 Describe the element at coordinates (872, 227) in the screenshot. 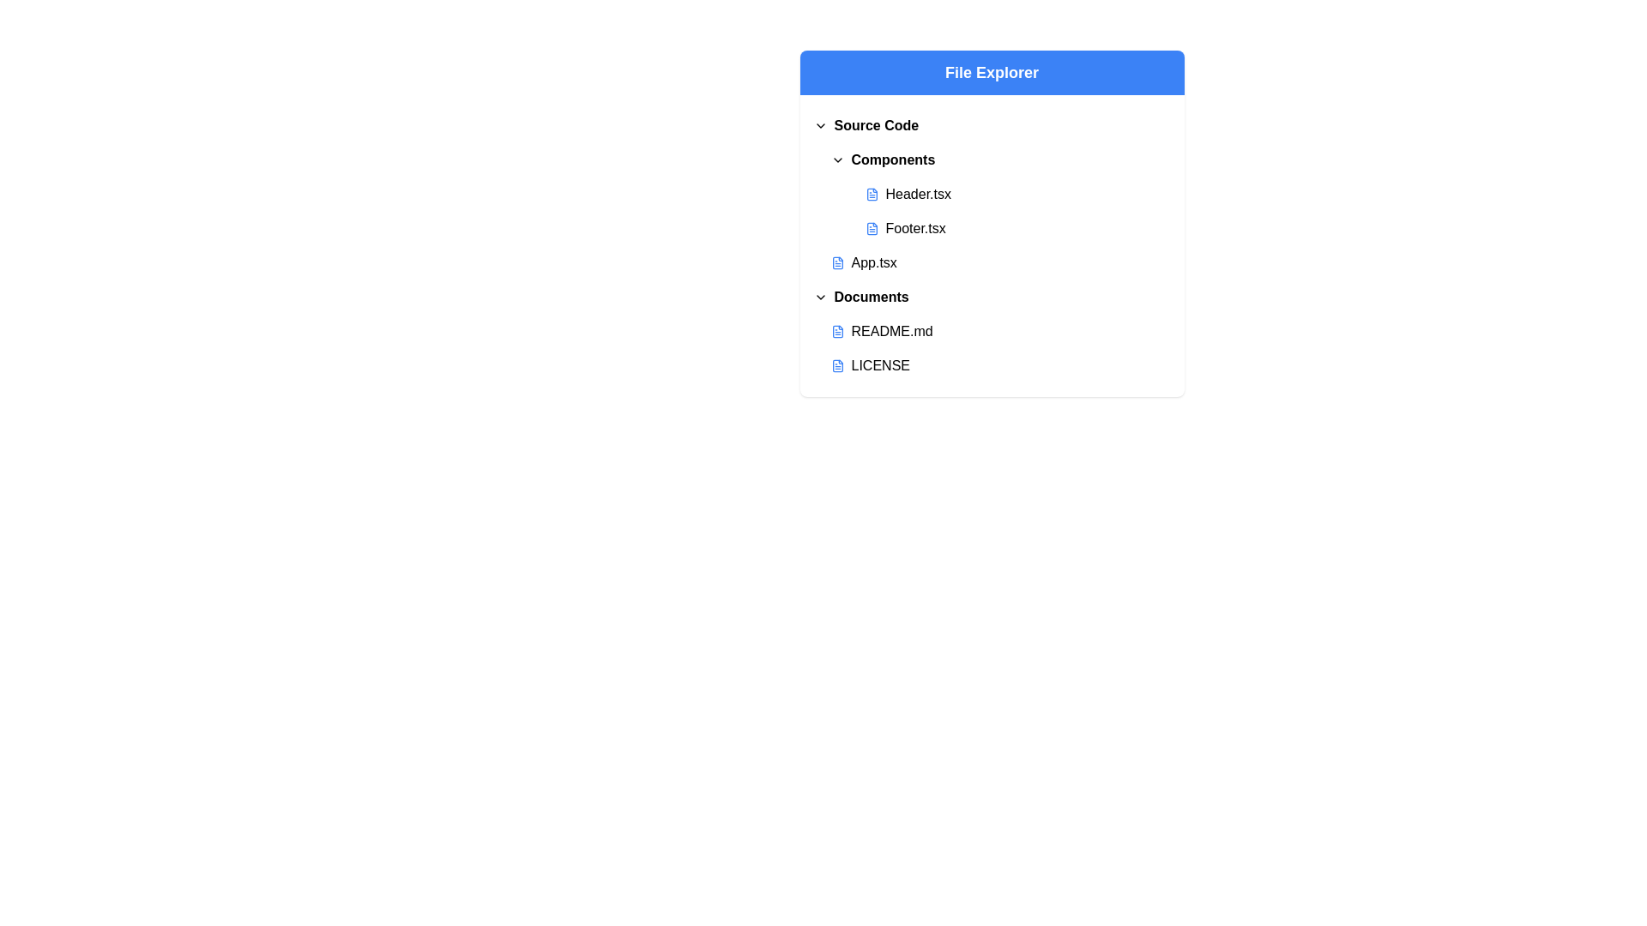

I see `the style and color of the SVG icon representing the file 'Footer.tsx' located in the file explorer panel, specifically as the second item under the 'Components' sub-header in the 'Source Code' section` at that location.